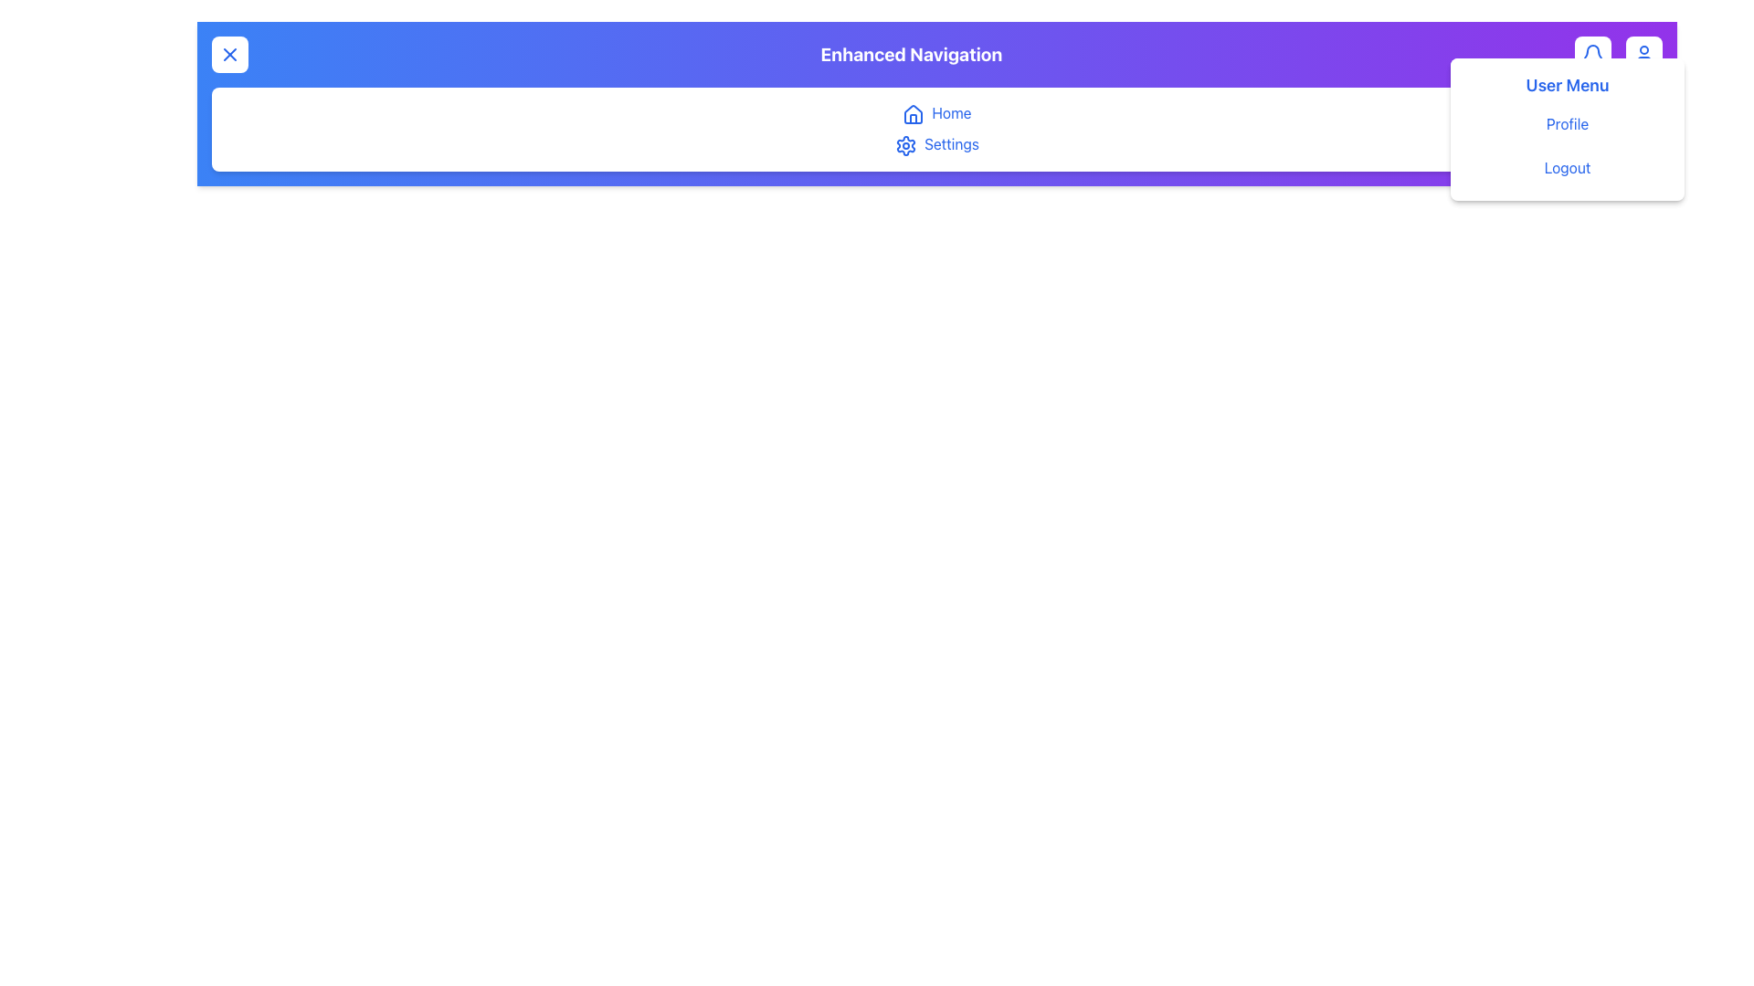 This screenshot has height=986, width=1754. What do you see at coordinates (229, 54) in the screenshot?
I see `the distinct icon button located at the upper-left corner of the blue navigation bar` at bounding box center [229, 54].